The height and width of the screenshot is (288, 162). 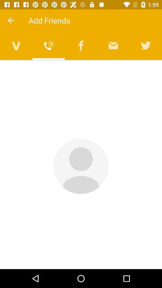 What do you see at coordinates (16, 45) in the screenshot?
I see `go to` at bounding box center [16, 45].